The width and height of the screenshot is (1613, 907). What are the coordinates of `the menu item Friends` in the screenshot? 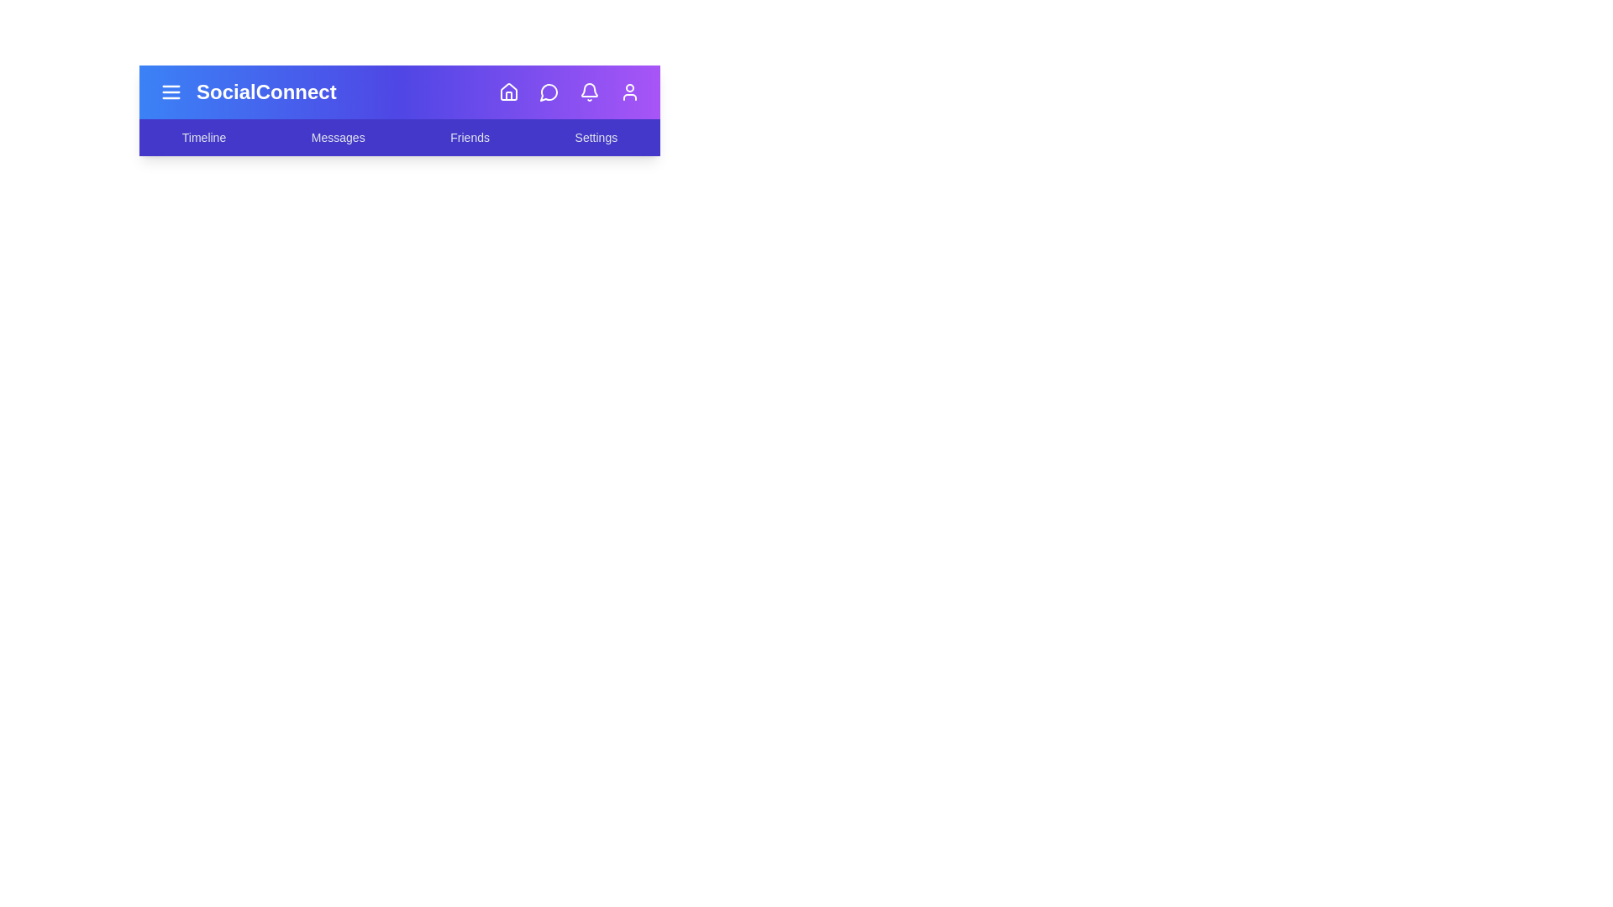 It's located at (470, 137).